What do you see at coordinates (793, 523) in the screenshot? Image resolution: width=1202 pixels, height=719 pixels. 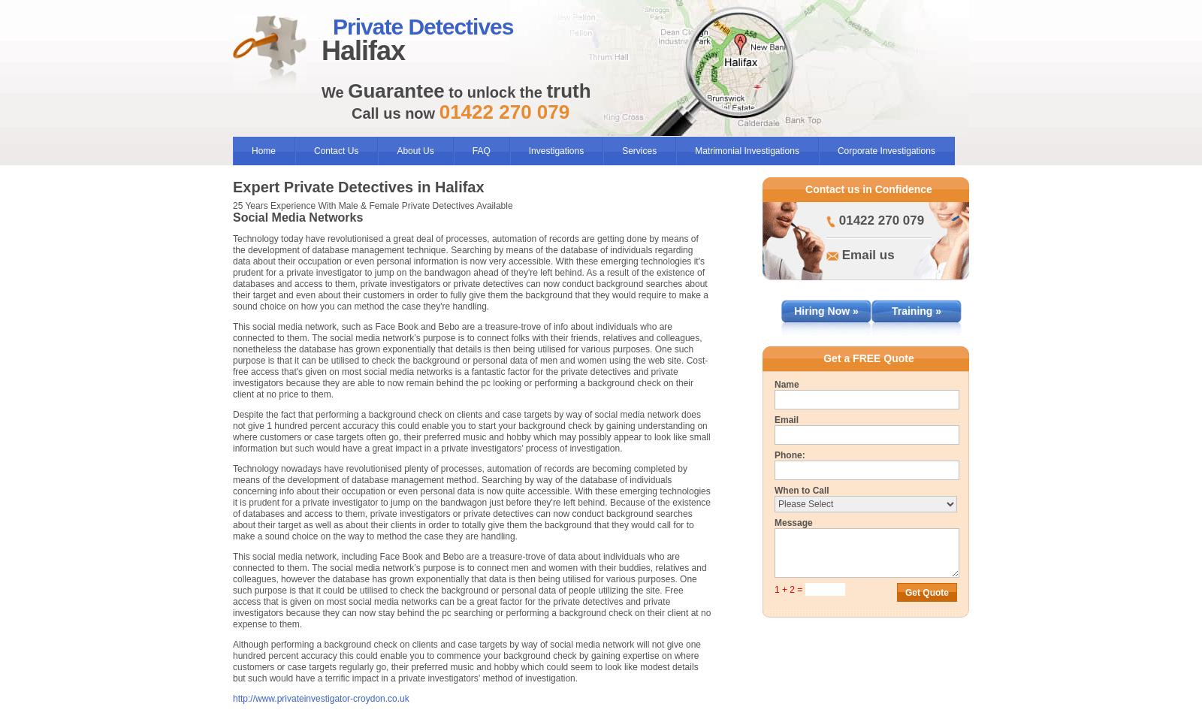 I see `'Message'` at bounding box center [793, 523].